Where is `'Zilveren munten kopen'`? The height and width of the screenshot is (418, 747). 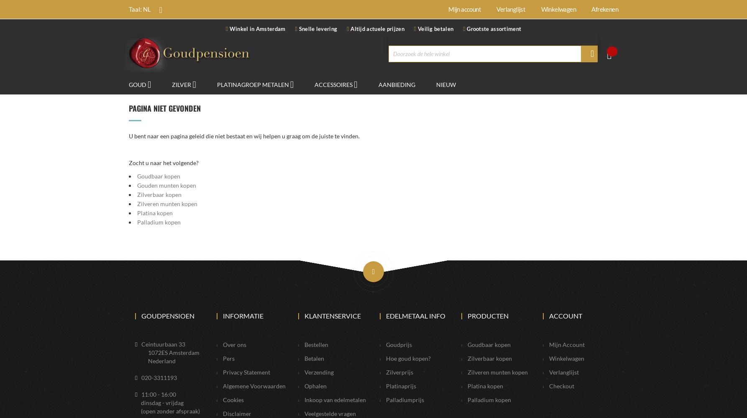 'Zilveren munten kopen' is located at coordinates (167, 203).